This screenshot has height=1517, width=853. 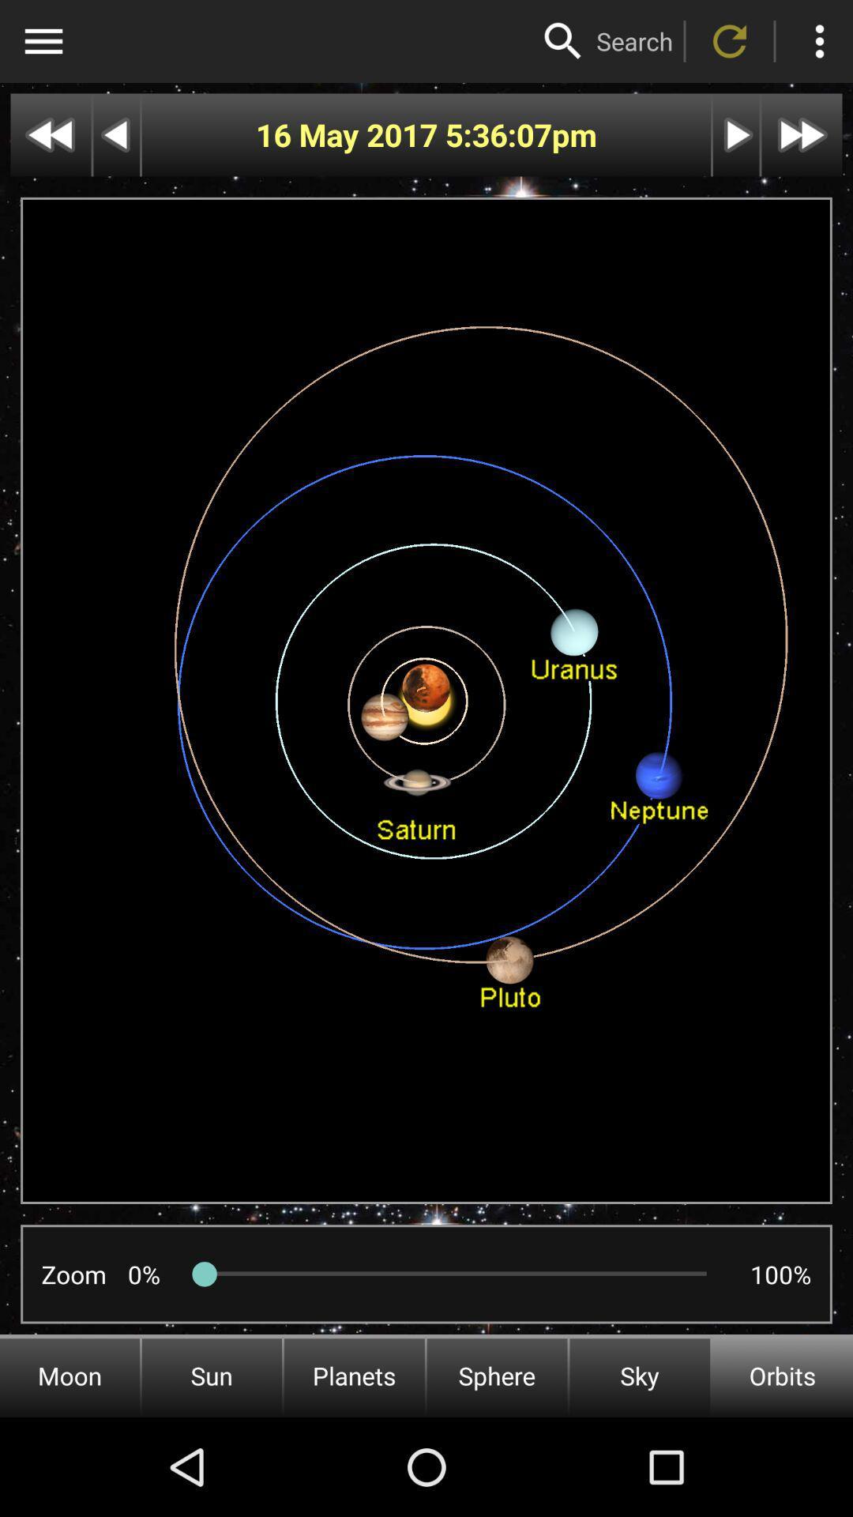 I want to click on the more icon, so click(x=818, y=41).